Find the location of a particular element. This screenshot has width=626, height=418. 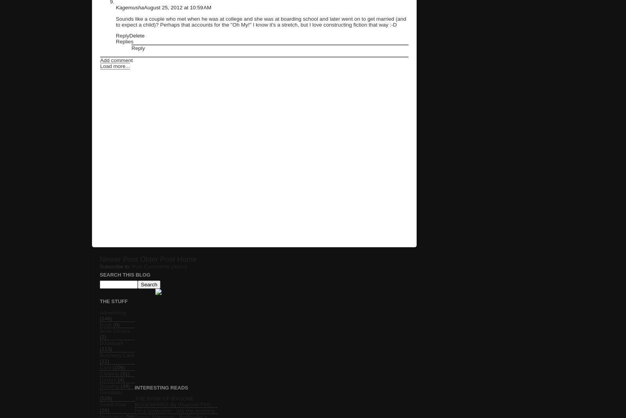

'(526)' is located at coordinates (106, 398).